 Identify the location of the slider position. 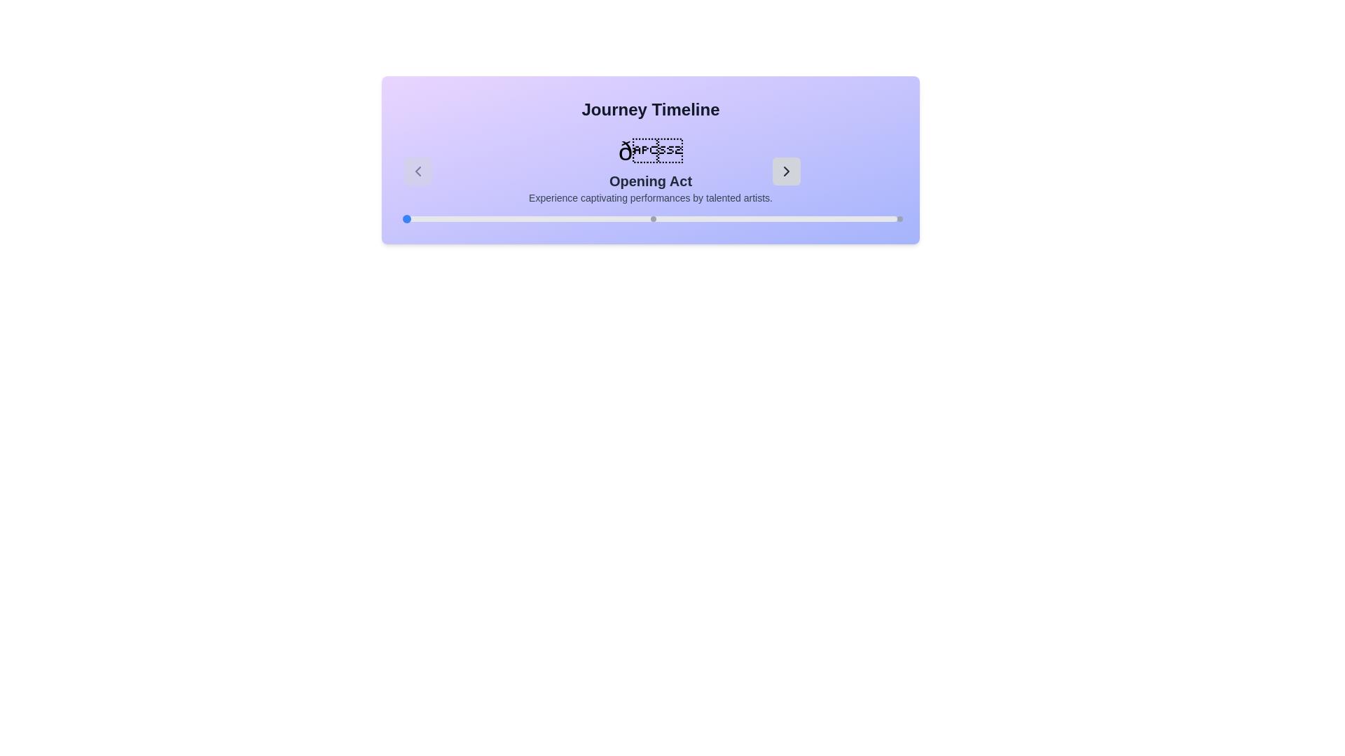
(453, 218).